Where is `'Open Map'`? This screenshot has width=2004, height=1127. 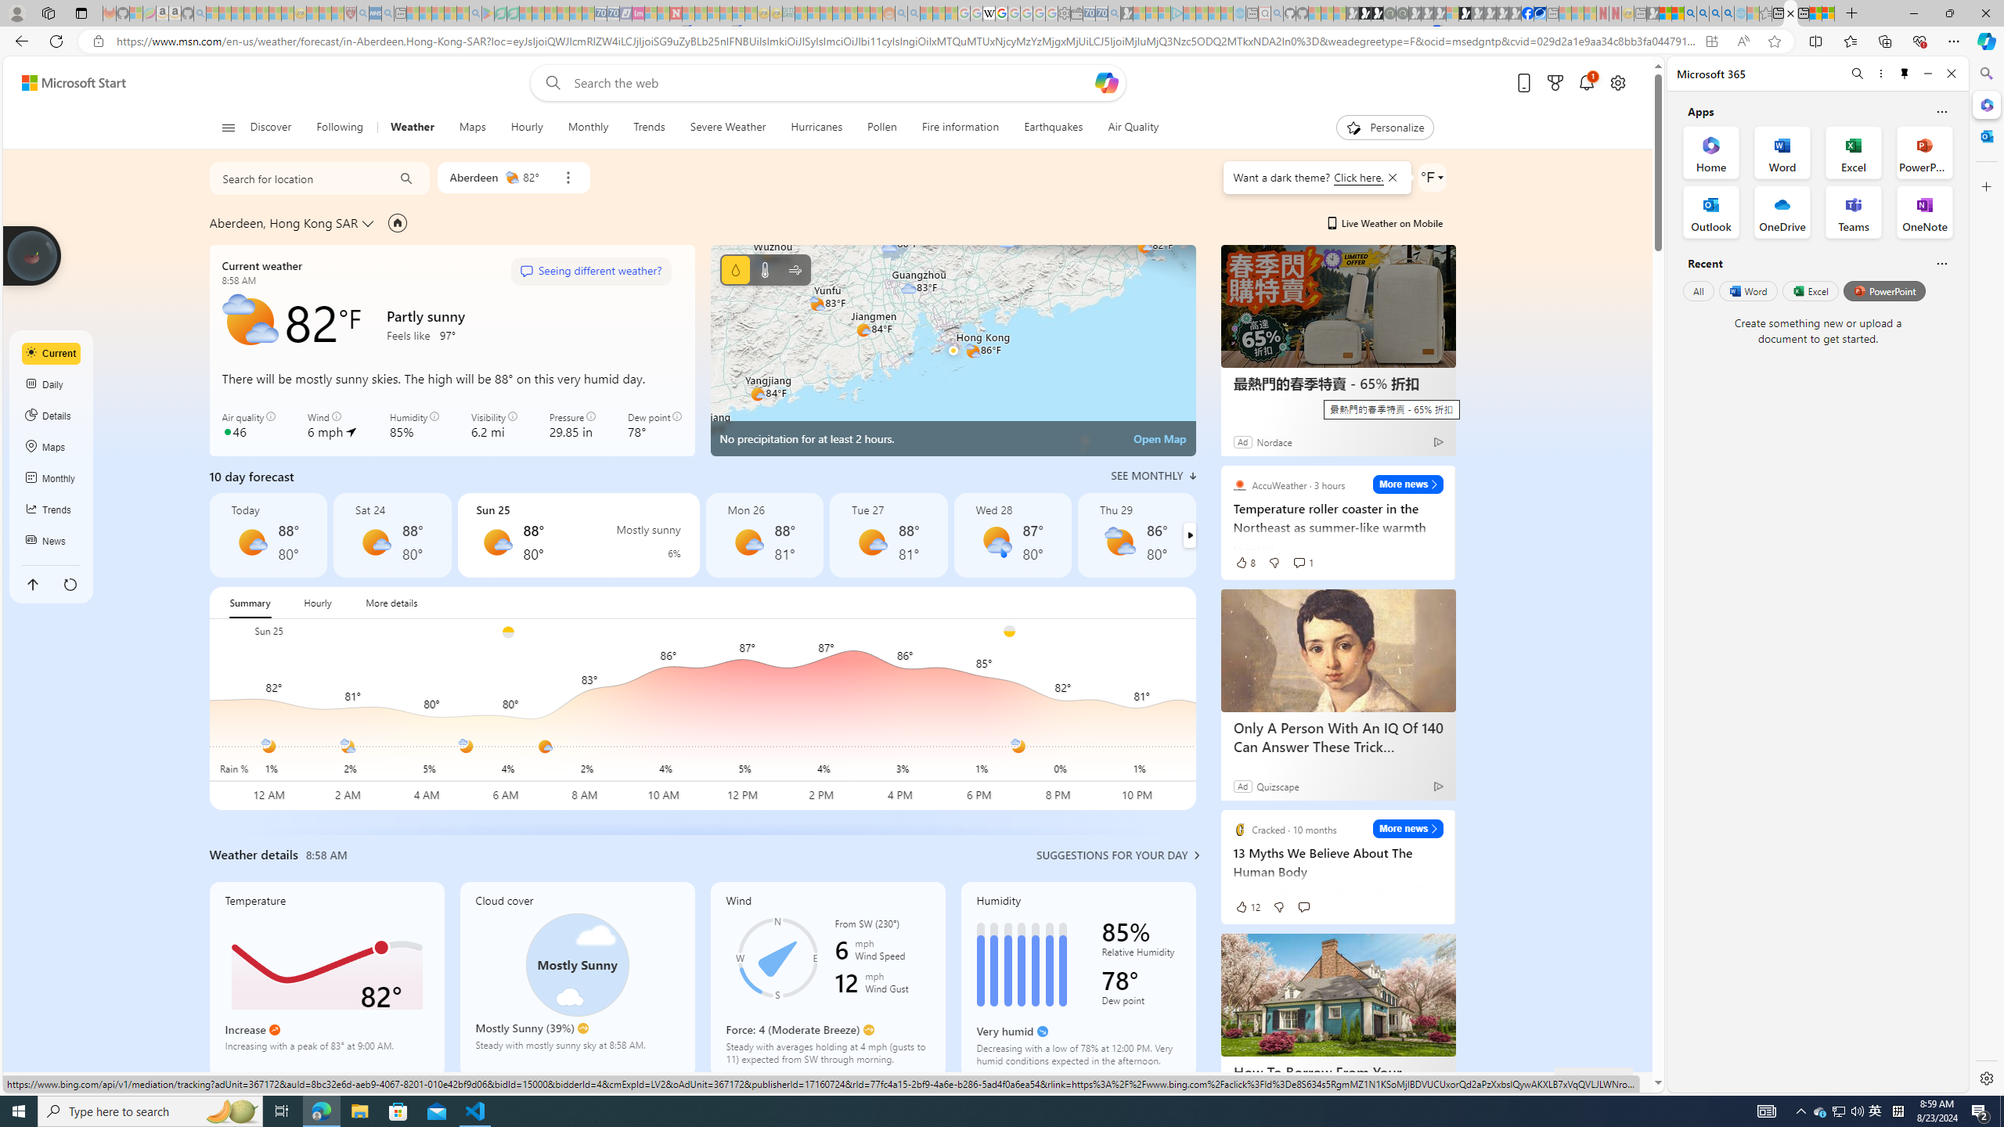 'Open Map' is located at coordinates (1159, 437).